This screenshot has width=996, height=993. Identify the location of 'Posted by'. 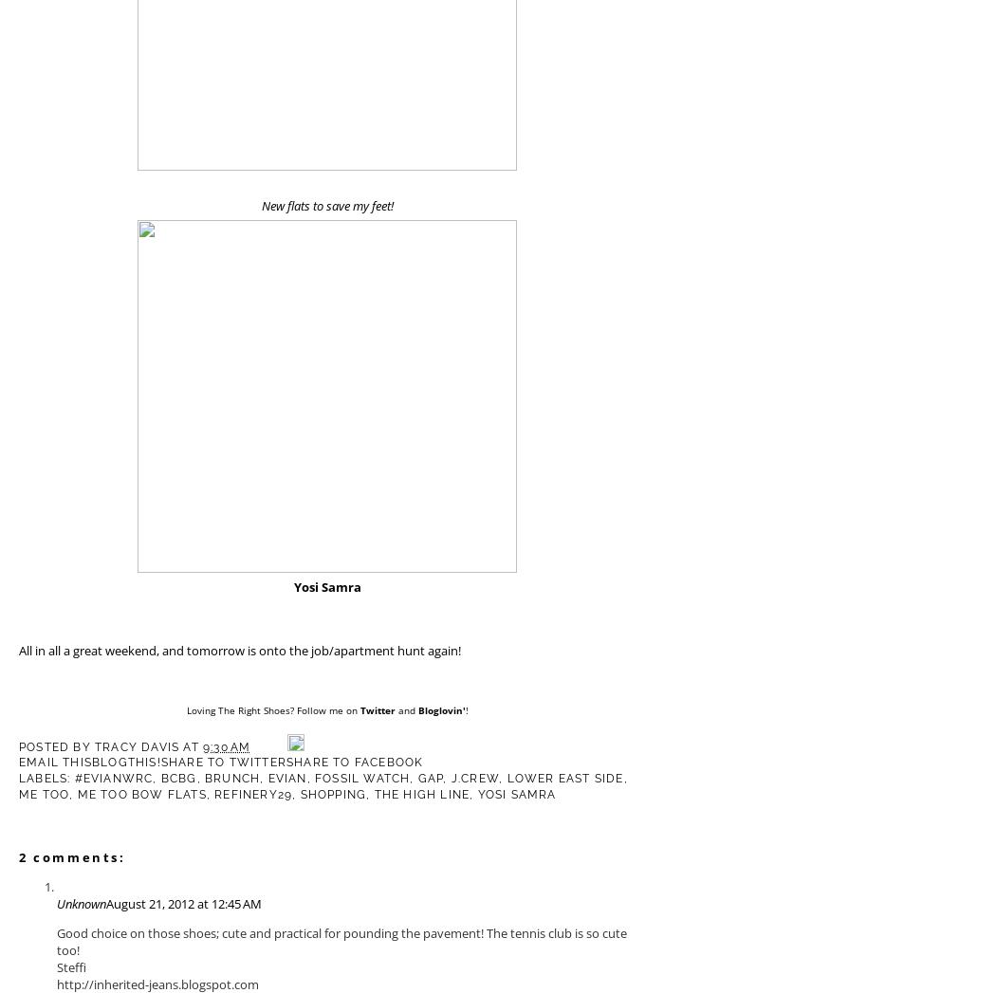
(18, 745).